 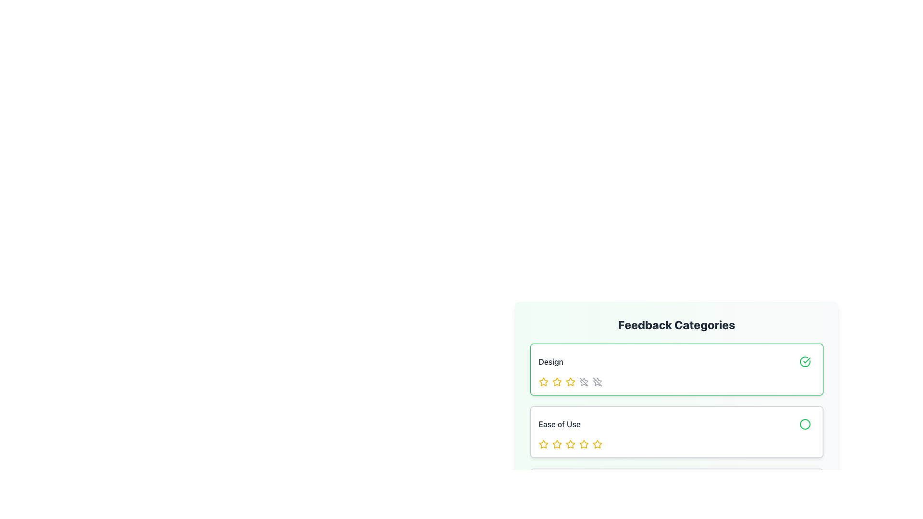 What do you see at coordinates (583, 444) in the screenshot?
I see `the third star in the second row of the star rating system under the 'Ease of Use' category` at bounding box center [583, 444].